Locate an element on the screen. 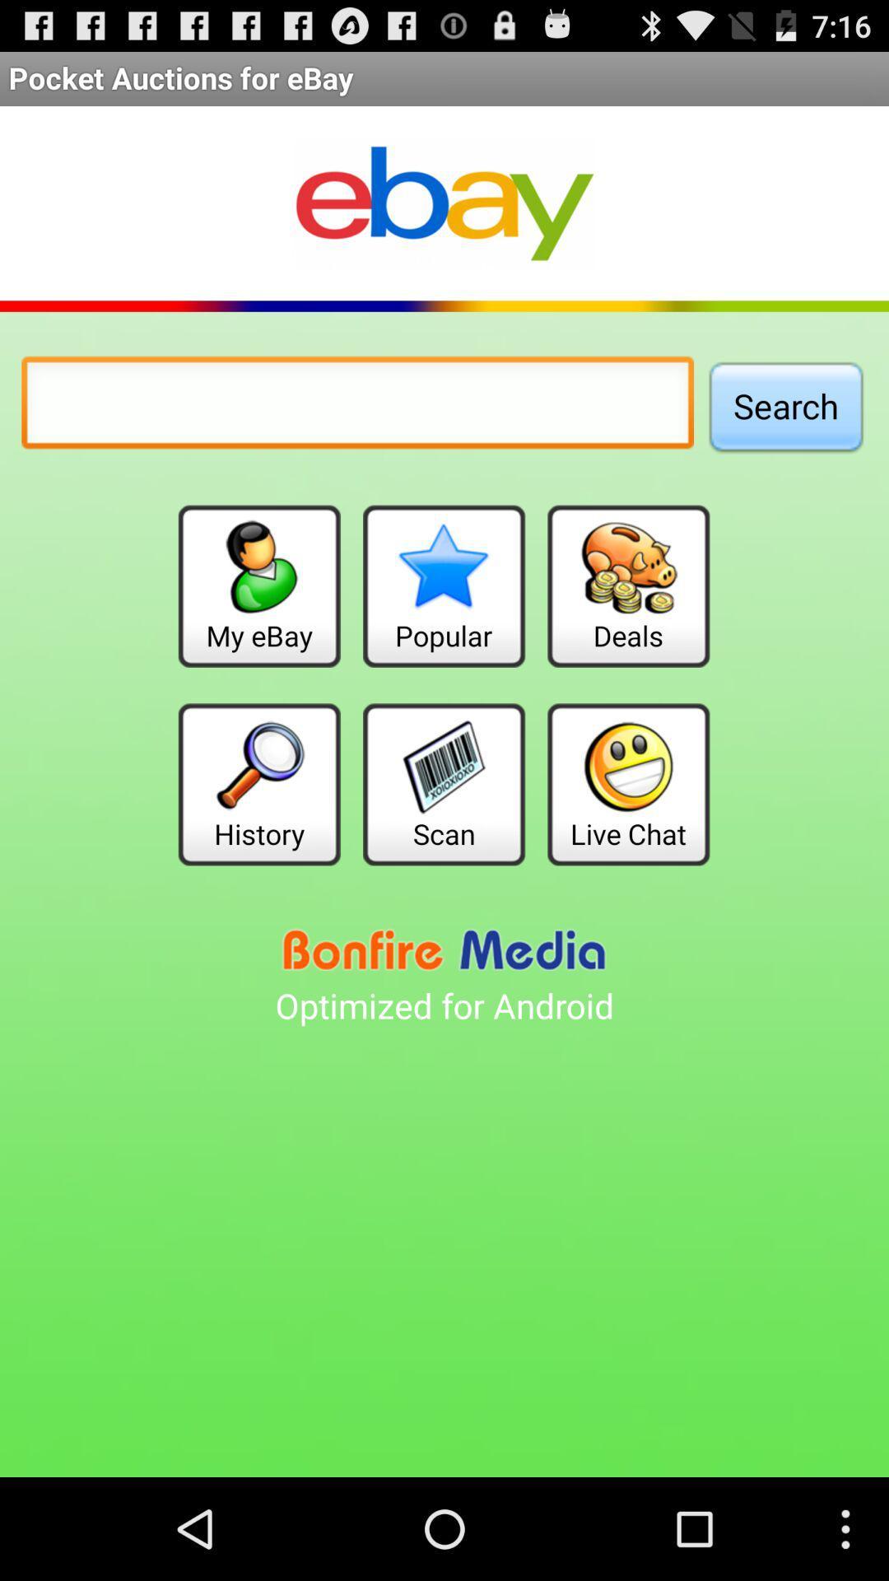  item below the my ebay is located at coordinates (259, 783).